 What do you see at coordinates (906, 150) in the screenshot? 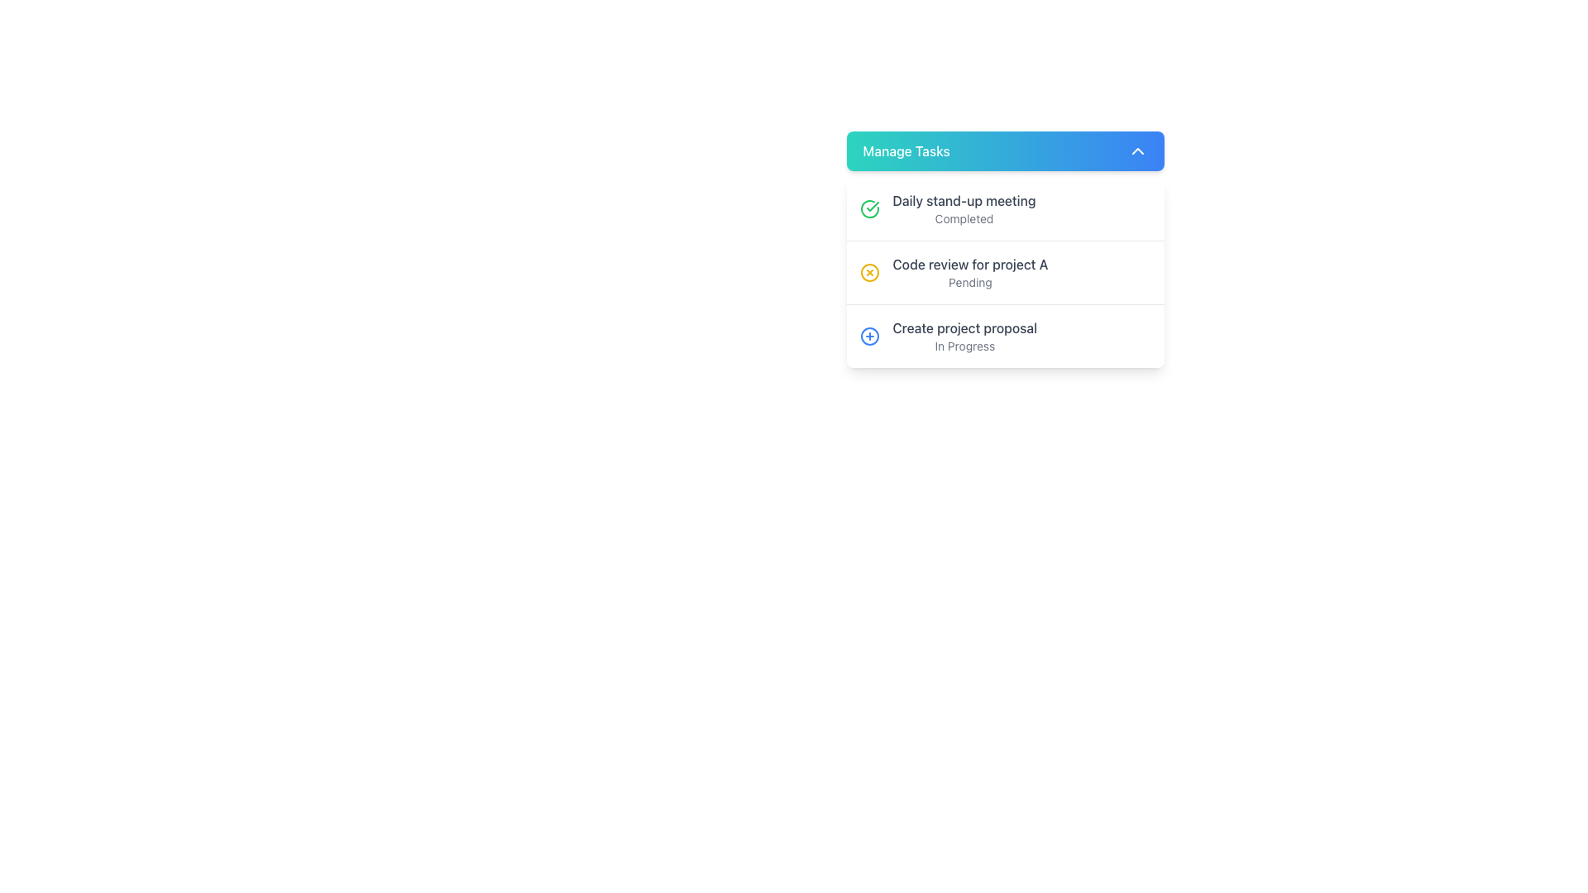
I see `the text label indicating the action associated with the task management button, located at the top-left section of the gradient button` at bounding box center [906, 150].